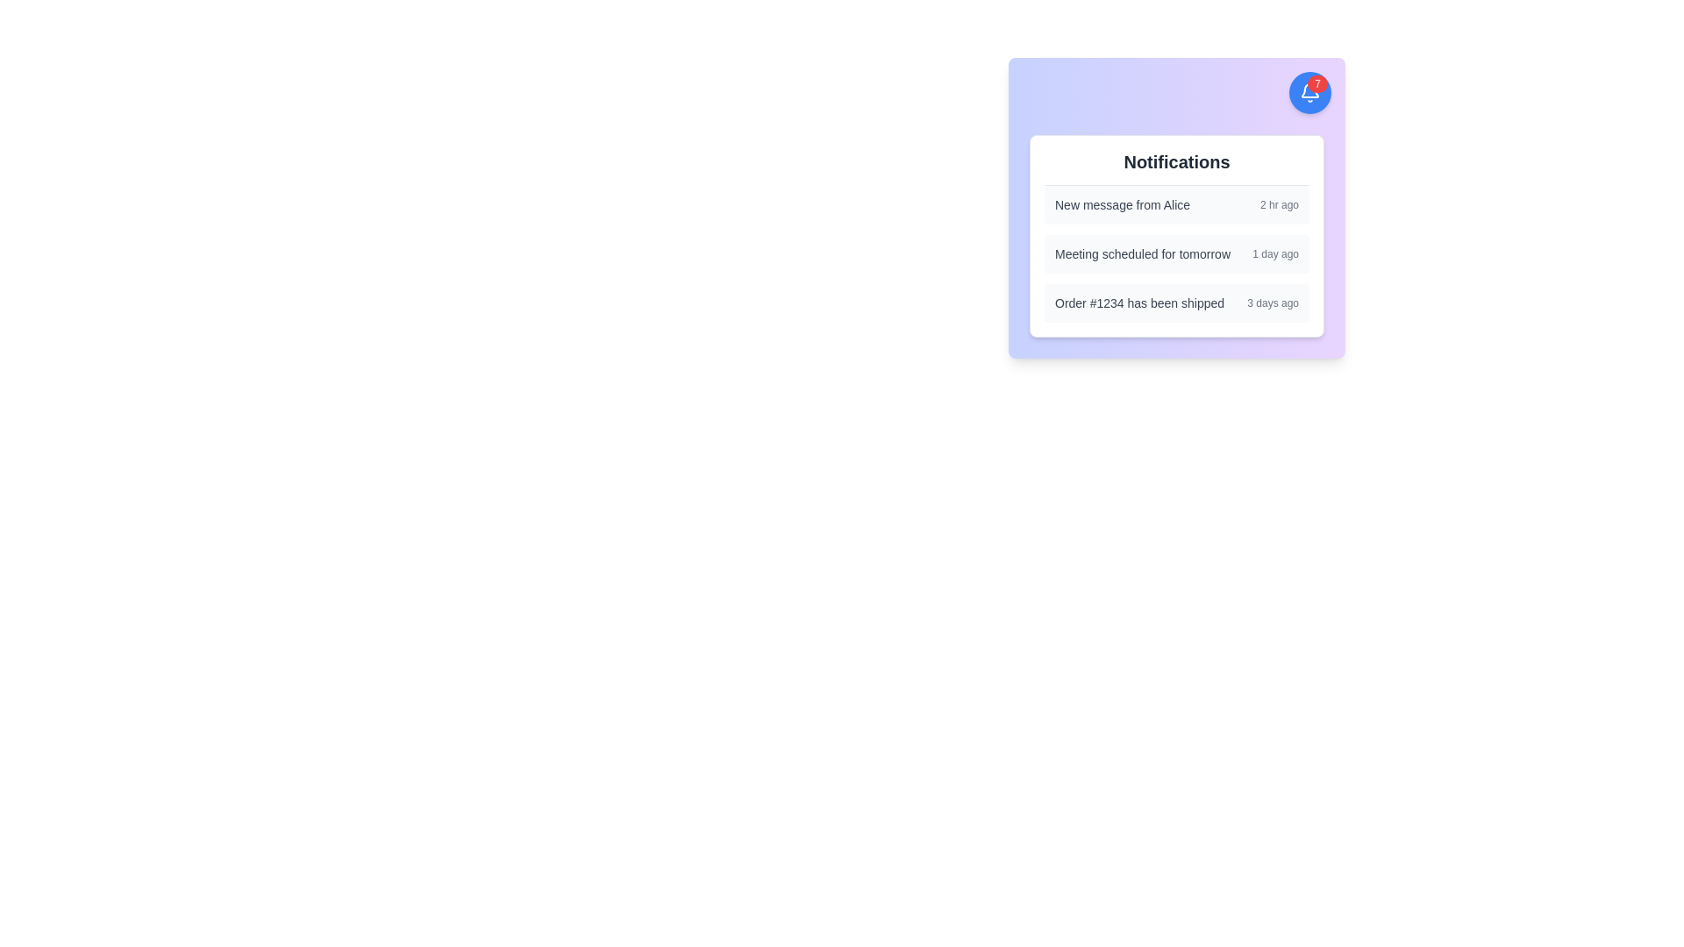 This screenshot has height=947, width=1684. Describe the element at coordinates (1275, 253) in the screenshot. I see `timestamp information displayed as '1 day ago' in small gray text, located in the notification panel next to the notification item` at that location.